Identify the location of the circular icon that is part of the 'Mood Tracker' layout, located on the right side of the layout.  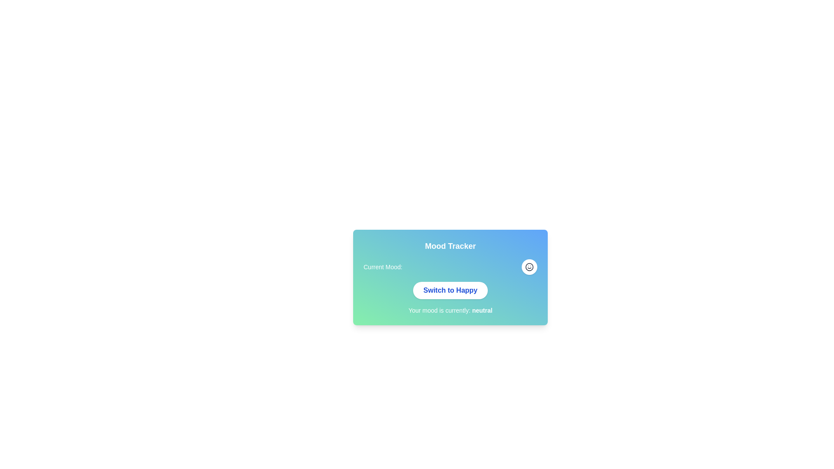
(529, 266).